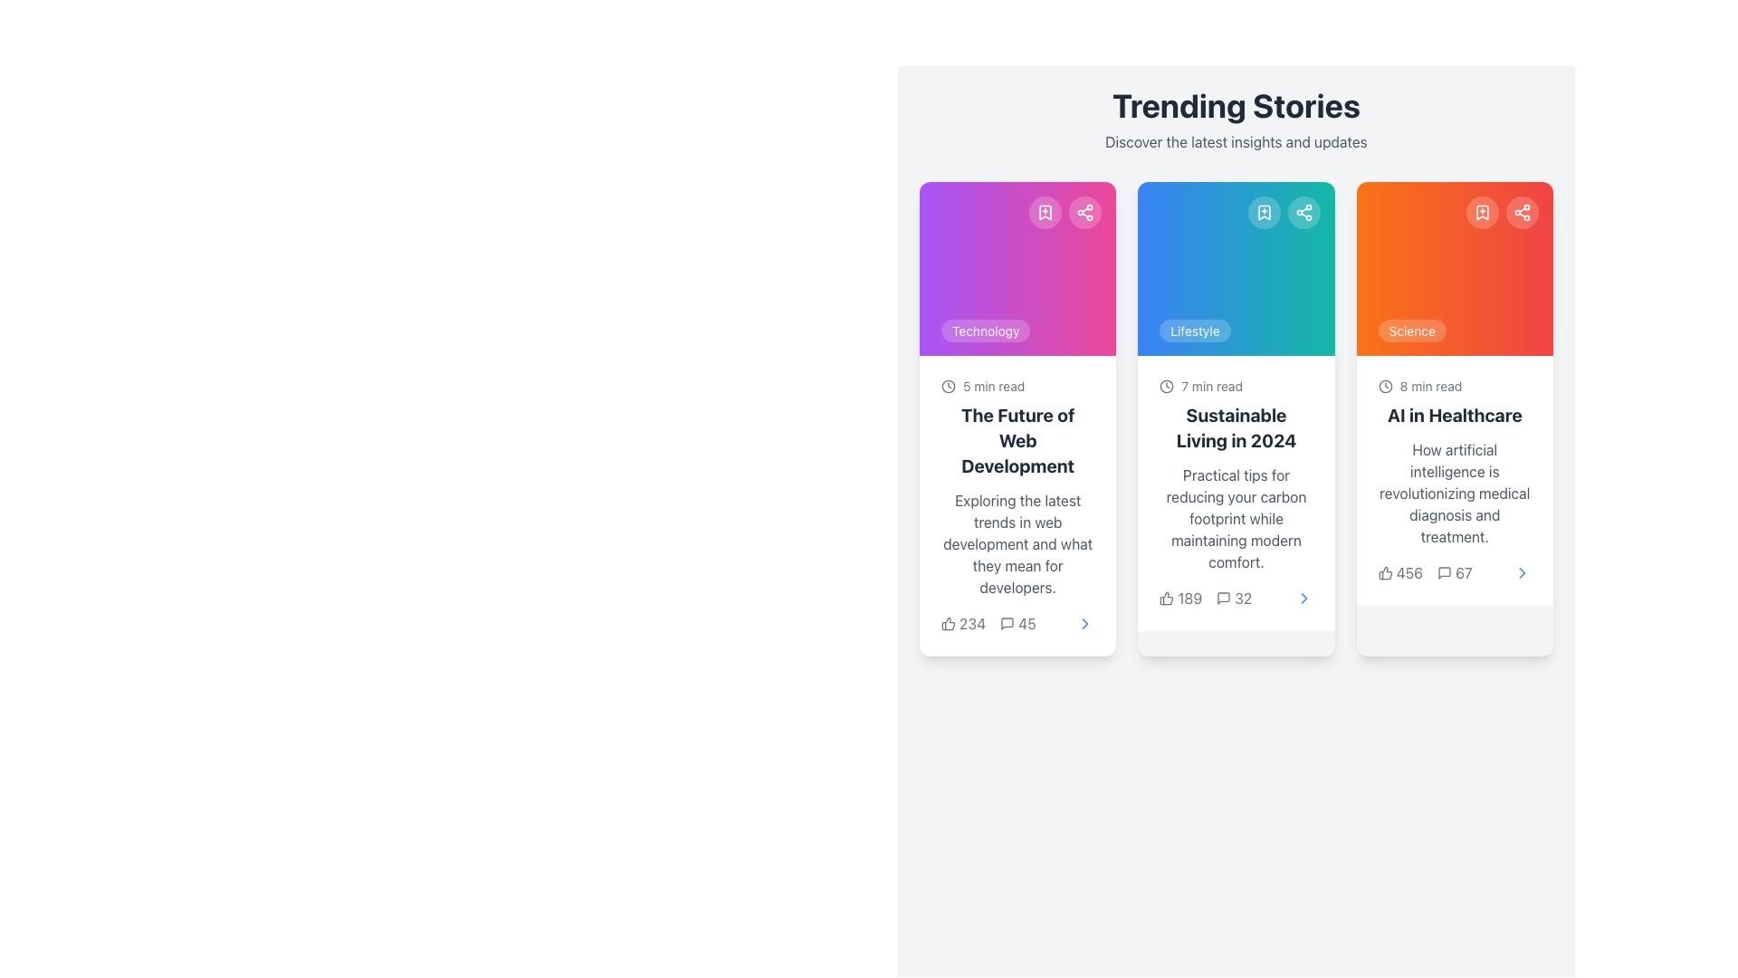 The width and height of the screenshot is (1738, 978). What do you see at coordinates (1195, 331) in the screenshot?
I see `text of the small rectangular label with rounded edges, which has a light blue background and white text reading 'Lifestyle', located at the bottom-left corner of the third card in the 'Trending Stories' section` at bounding box center [1195, 331].